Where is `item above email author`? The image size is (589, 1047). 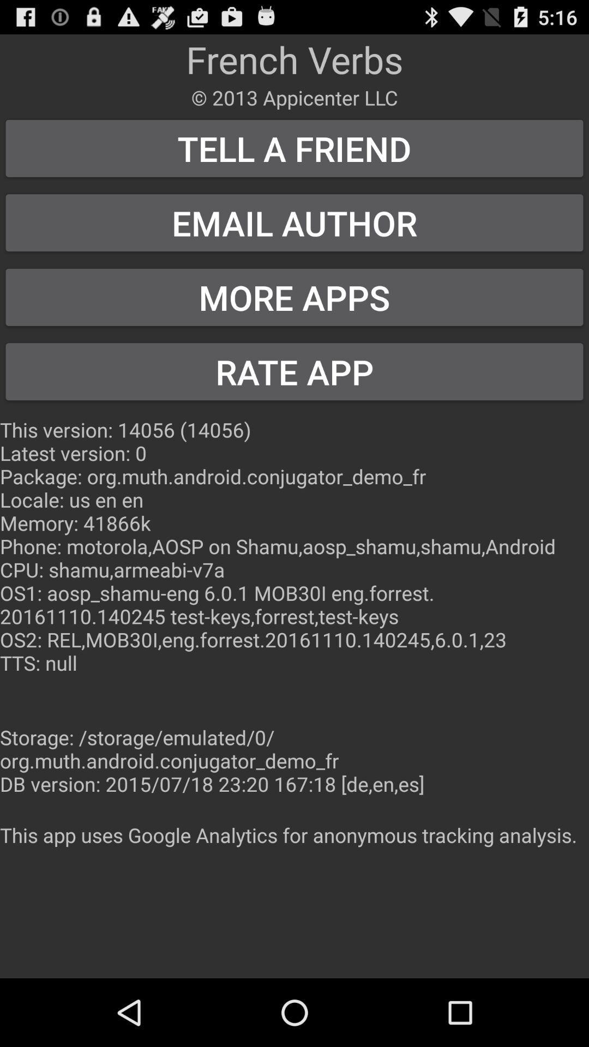 item above email author is located at coordinates (294, 148).